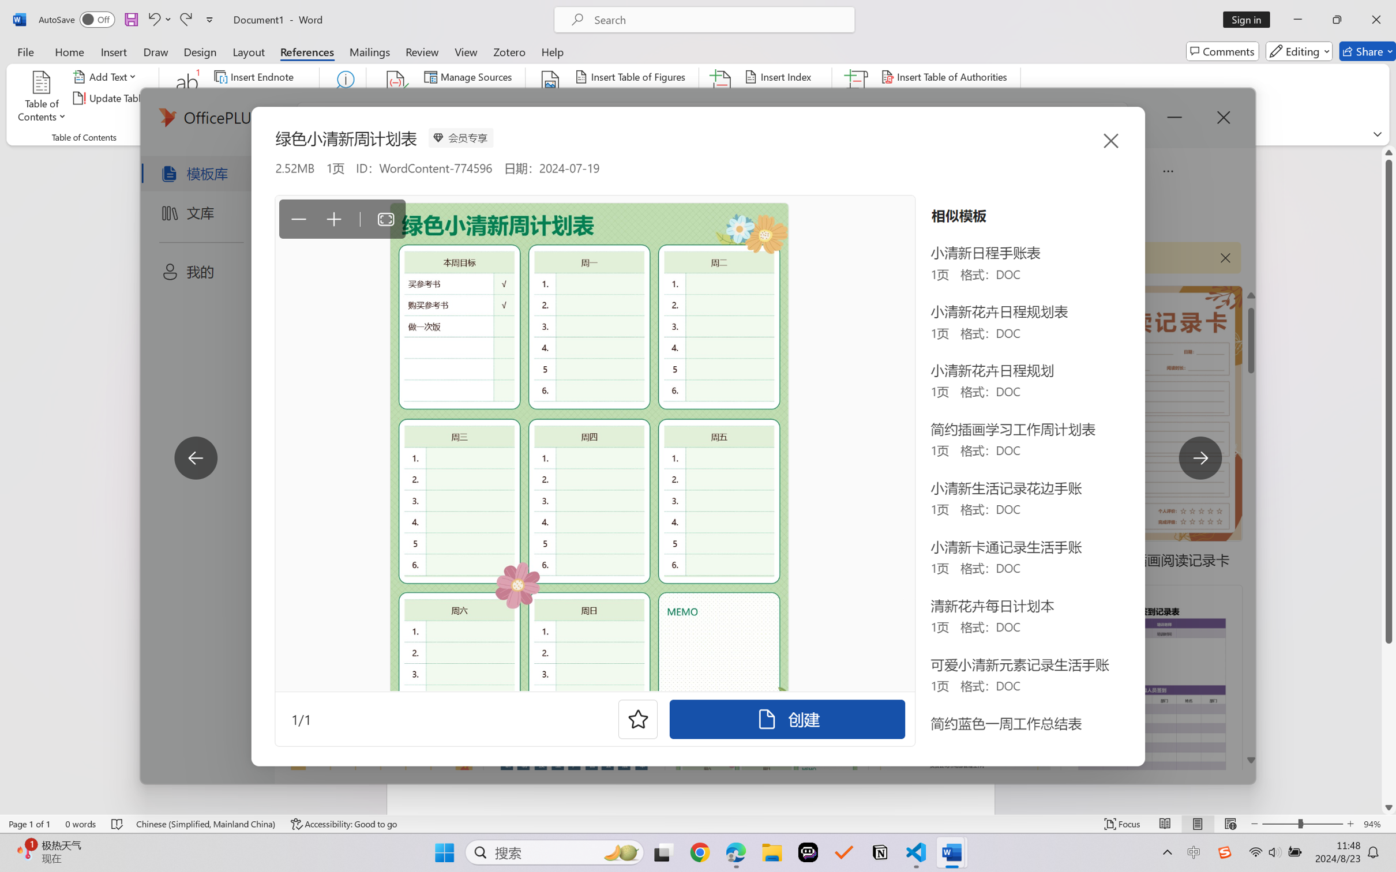 The width and height of the screenshot is (1396, 872). What do you see at coordinates (1389, 807) in the screenshot?
I see `'Line down'` at bounding box center [1389, 807].